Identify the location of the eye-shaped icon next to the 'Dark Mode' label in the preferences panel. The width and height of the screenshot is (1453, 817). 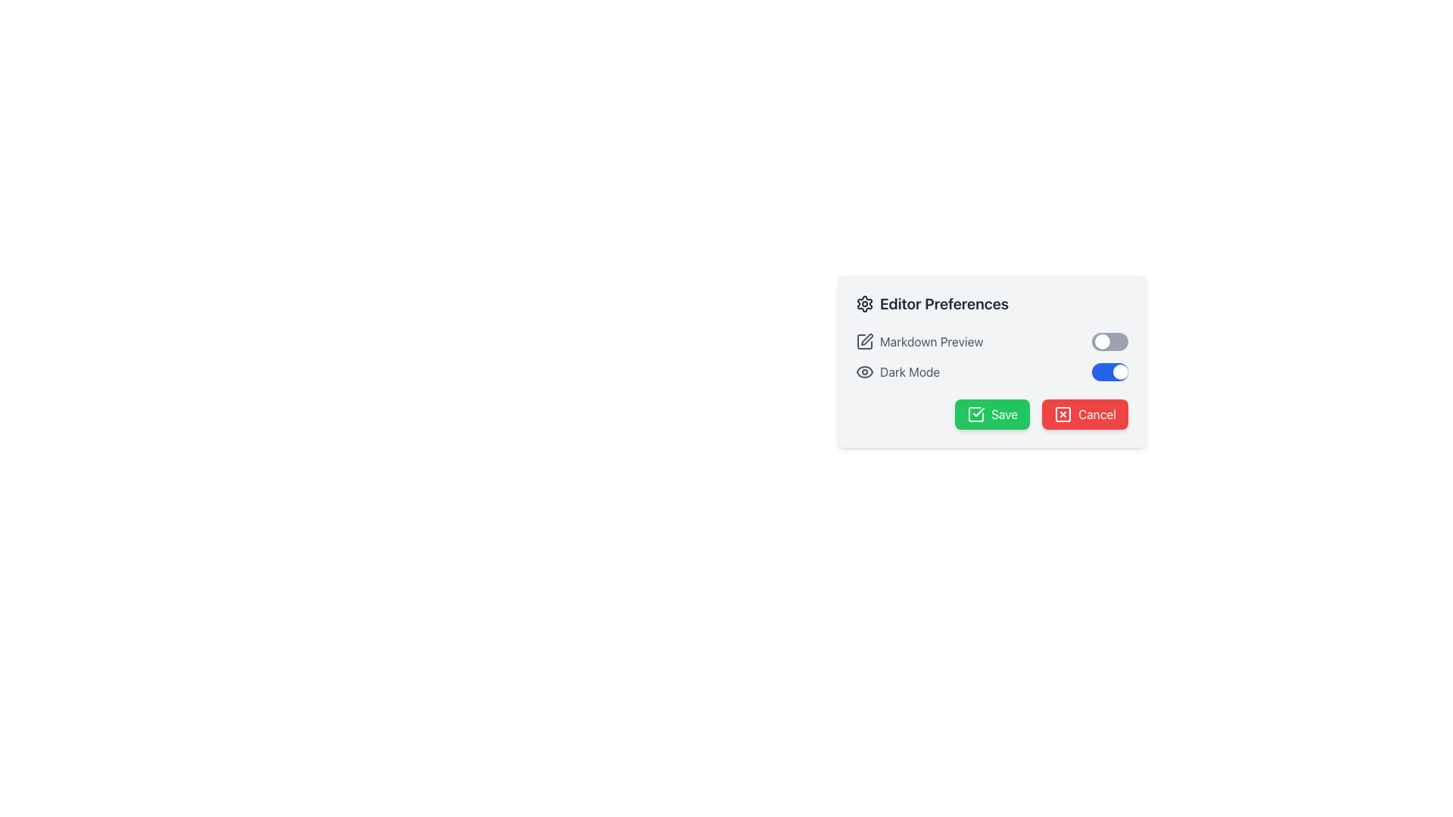
(864, 372).